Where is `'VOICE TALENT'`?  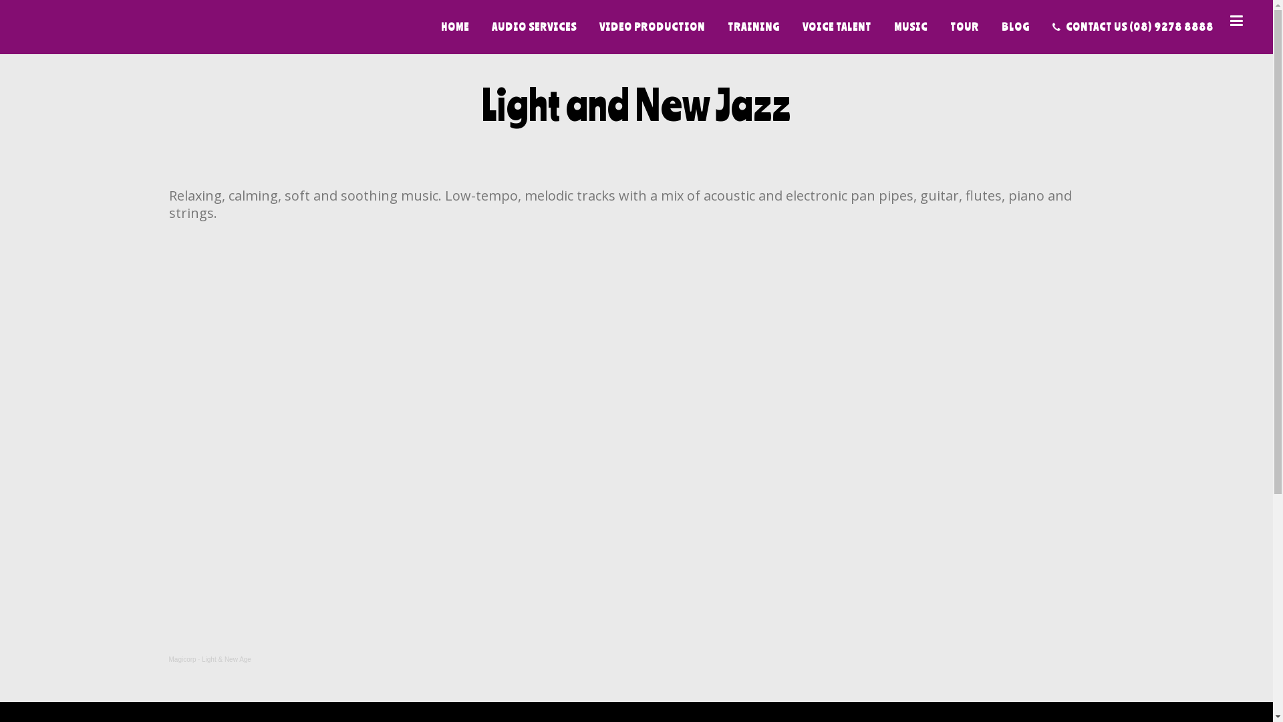 'VOICE TALENT' is located at coordinates (836, 26).